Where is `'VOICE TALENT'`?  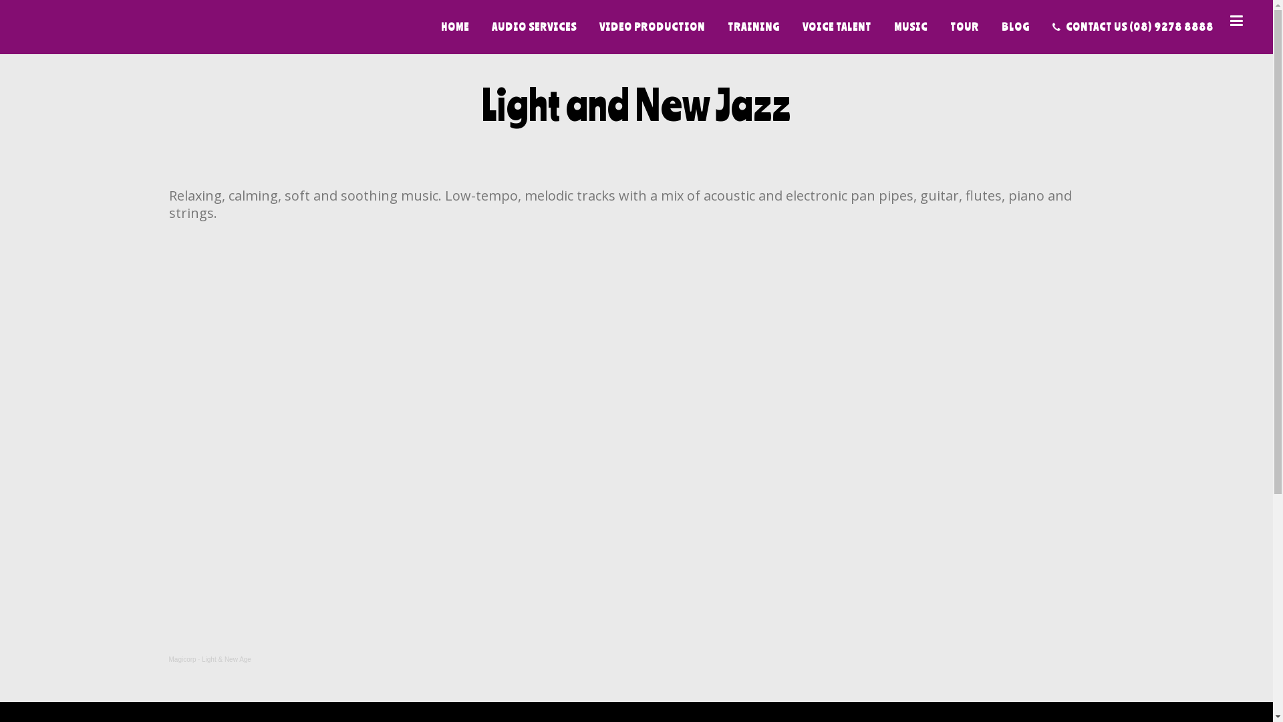 'VOICE TALENT' is located at coordinates (836, 26).